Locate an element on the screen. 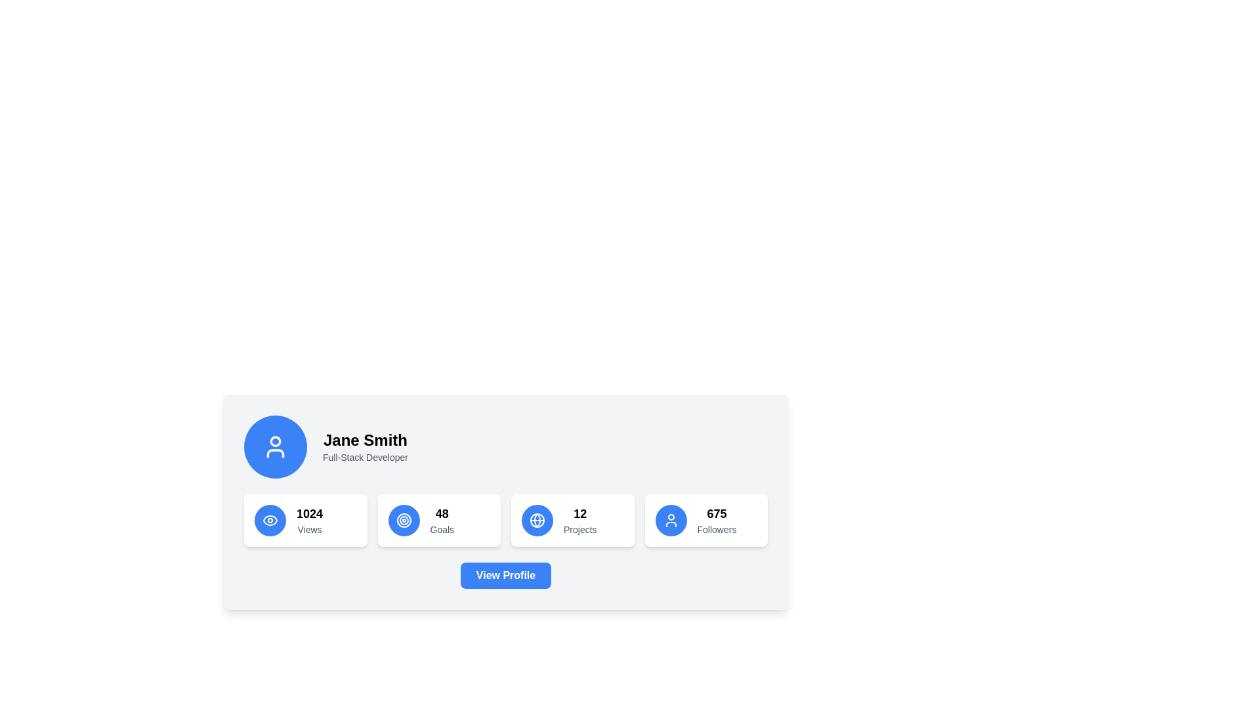 The width and height of the screenshot is (1260, 709). the text label displaying the numeric value associated with the 'Goals' category, positioned above the label 'Goals' and between '1024 Views' and '12 Projects' is located at coordinates (442, 513).